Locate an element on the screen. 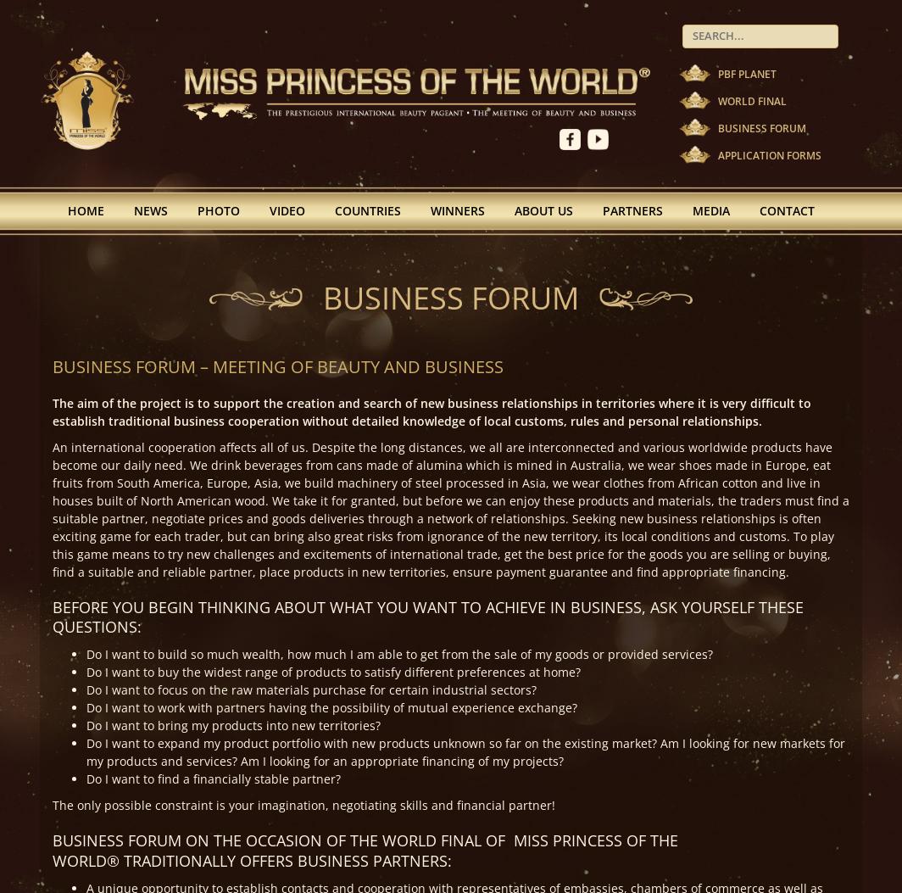 This screenshot has height=893, width=902. 'Contact' is located at coordinates (759, 209).